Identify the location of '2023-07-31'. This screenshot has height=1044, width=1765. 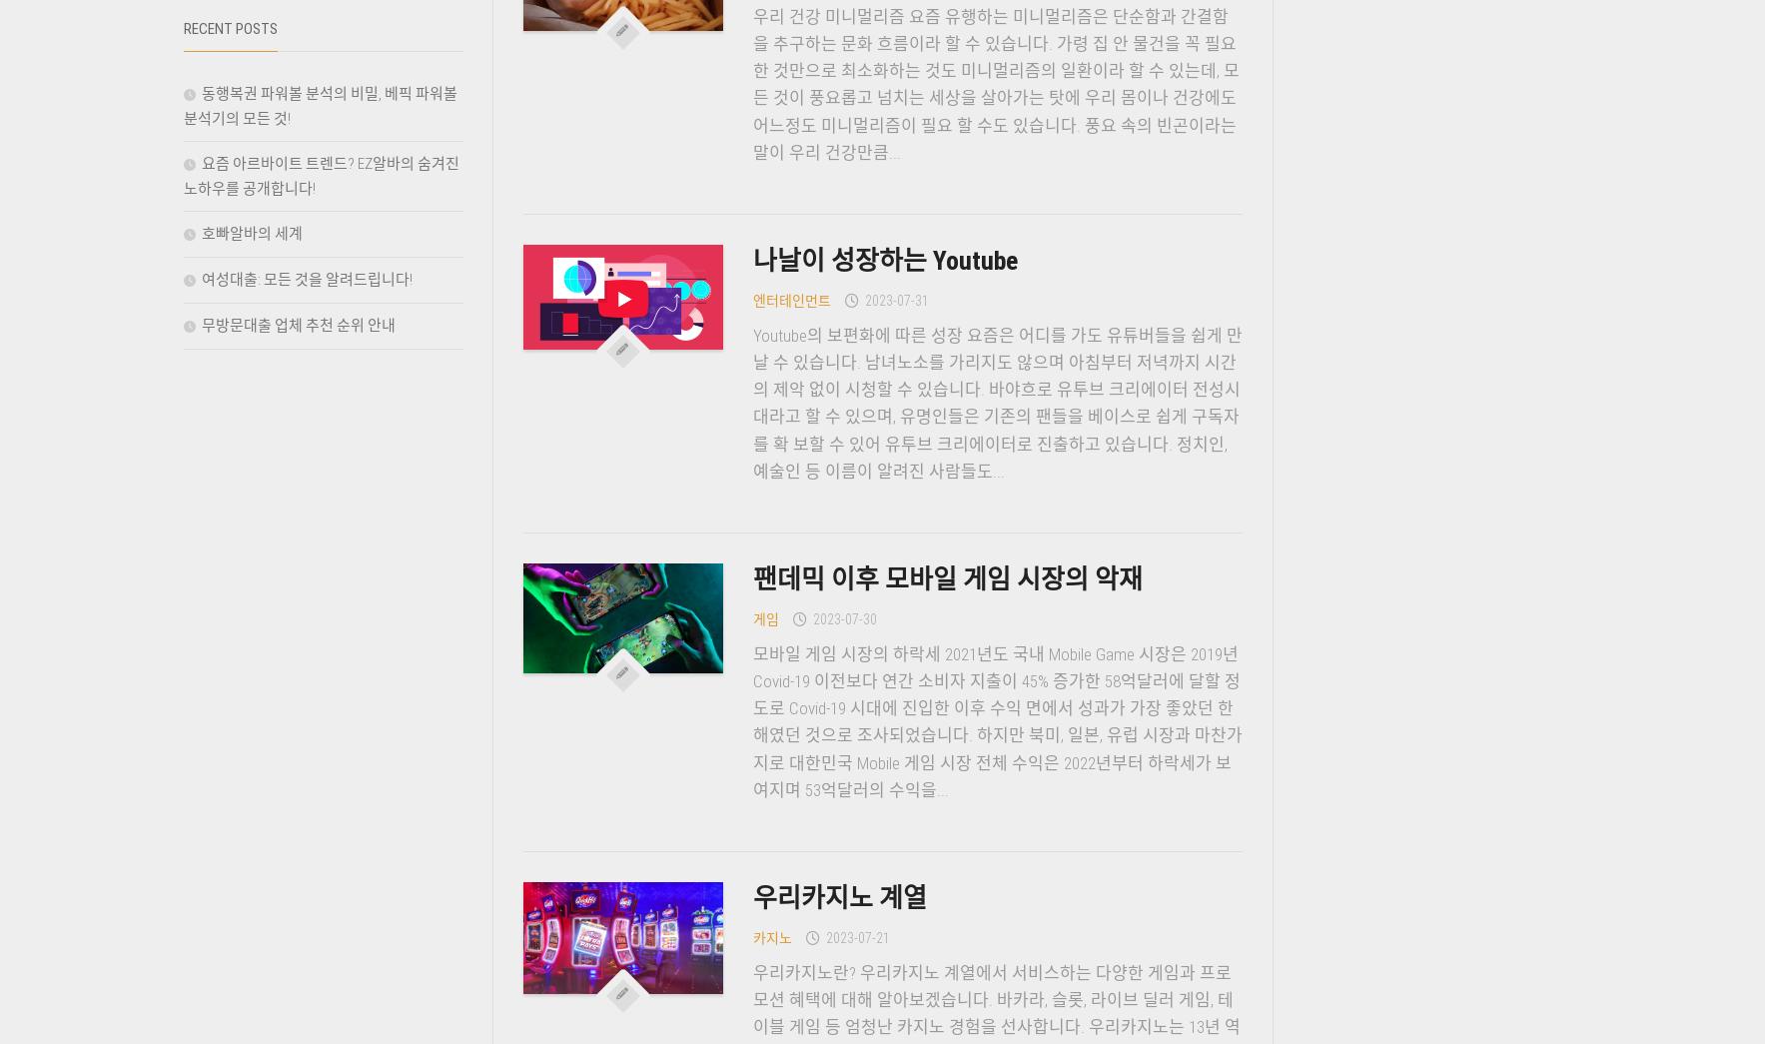
(895, 300).